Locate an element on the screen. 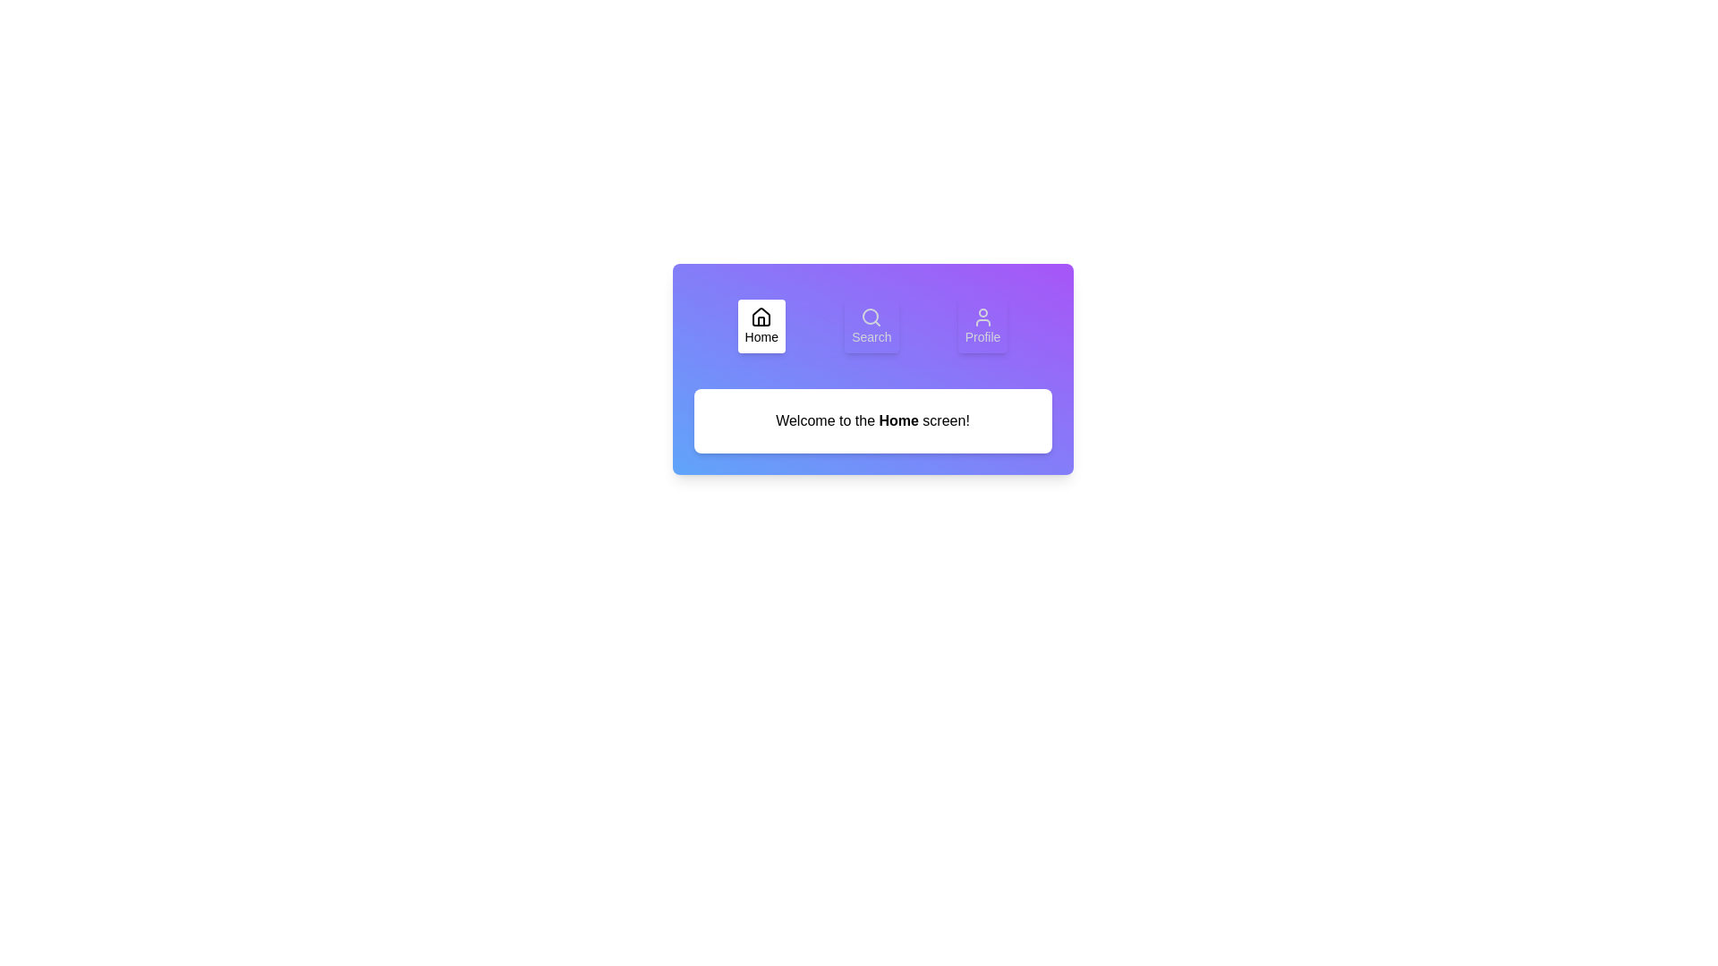  the 'Profile' button, which is the third button in a row of three with a user profile icon and label below it, to observe visual feedback is located at coordinates (982, 326).